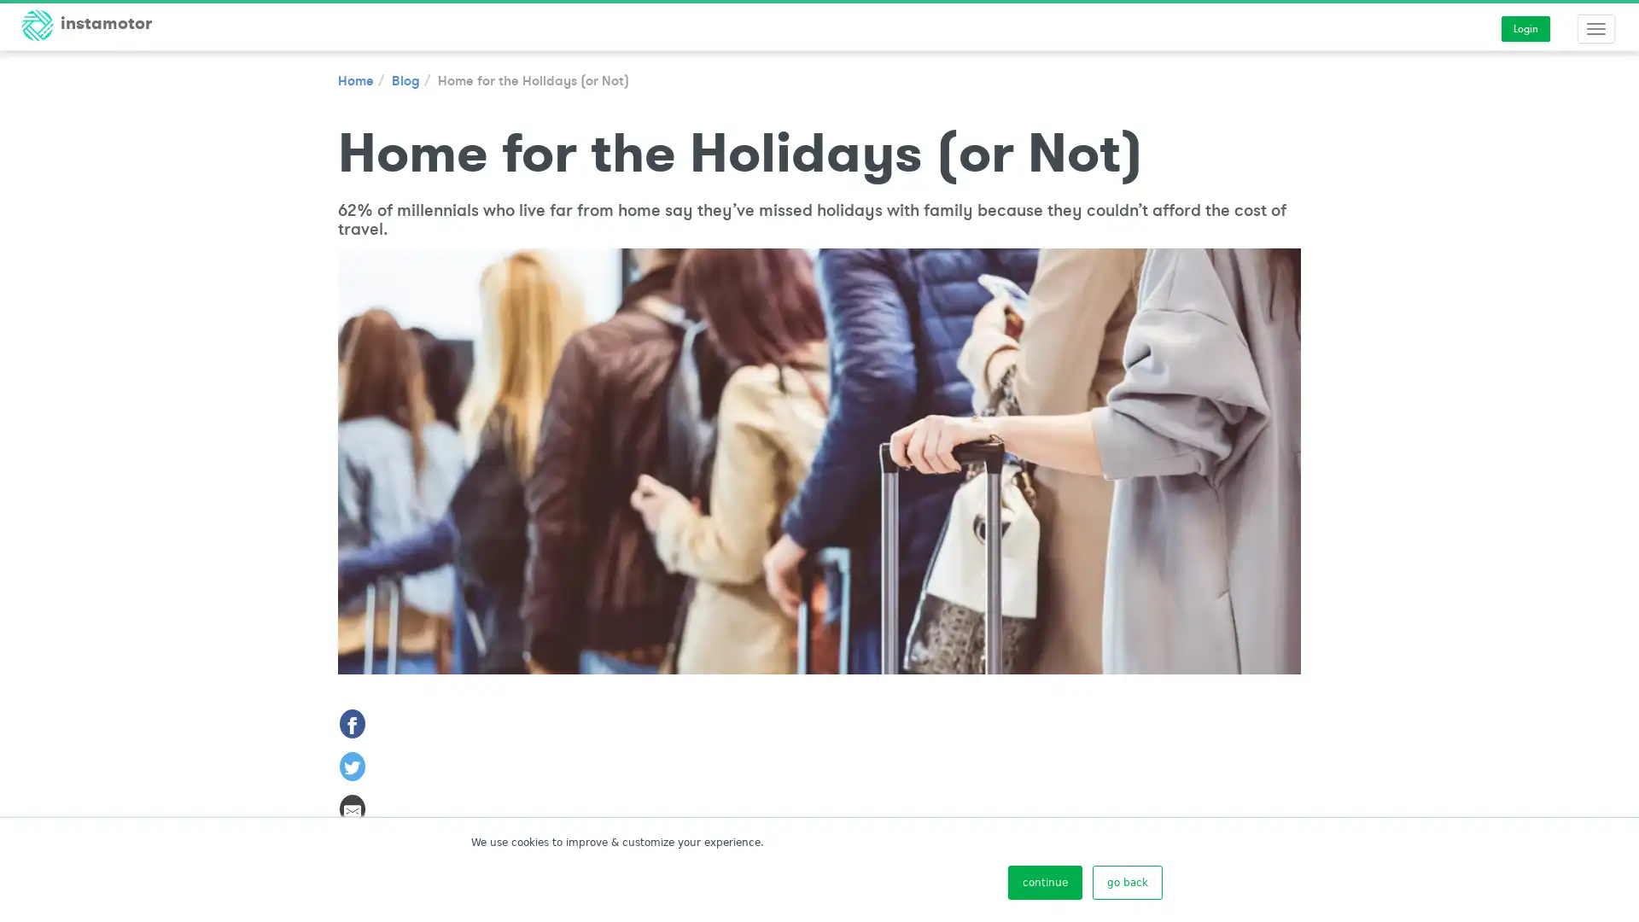 The image size is (1639, 922). Describe the element at coordinates (1595, 29) in the screenshot. I see `Toggle navigation` at that location.